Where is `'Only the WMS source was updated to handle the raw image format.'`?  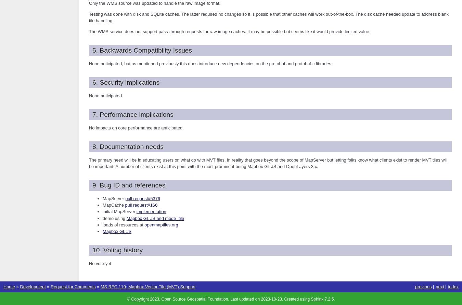 'Only the WMS source was updated to handle the raw image format.' is located at coordinates (154, 3).